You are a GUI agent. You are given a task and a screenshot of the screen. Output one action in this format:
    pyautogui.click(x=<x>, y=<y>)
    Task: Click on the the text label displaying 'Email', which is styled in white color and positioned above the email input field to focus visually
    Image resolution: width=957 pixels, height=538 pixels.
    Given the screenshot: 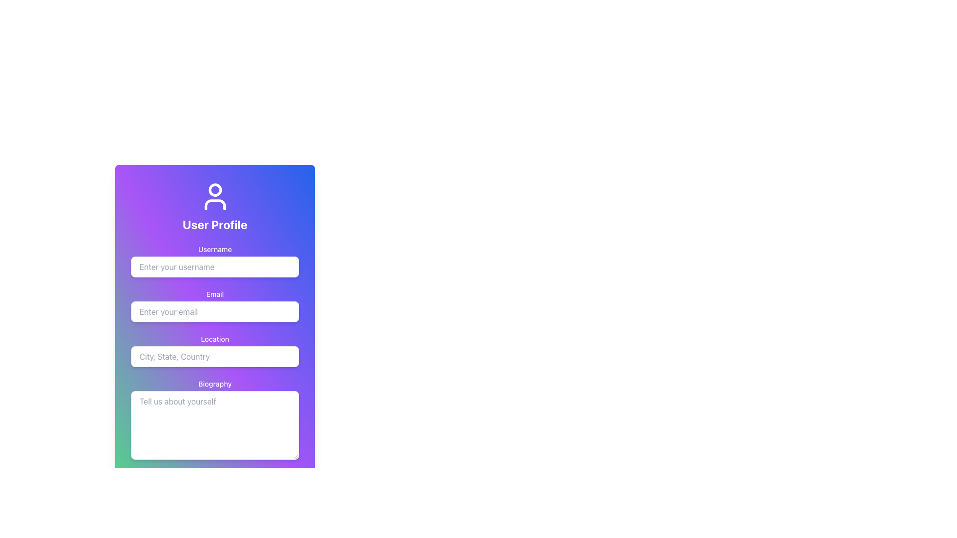 What is the action you would take?
    pyautogui.click(x=214, y=293)
    